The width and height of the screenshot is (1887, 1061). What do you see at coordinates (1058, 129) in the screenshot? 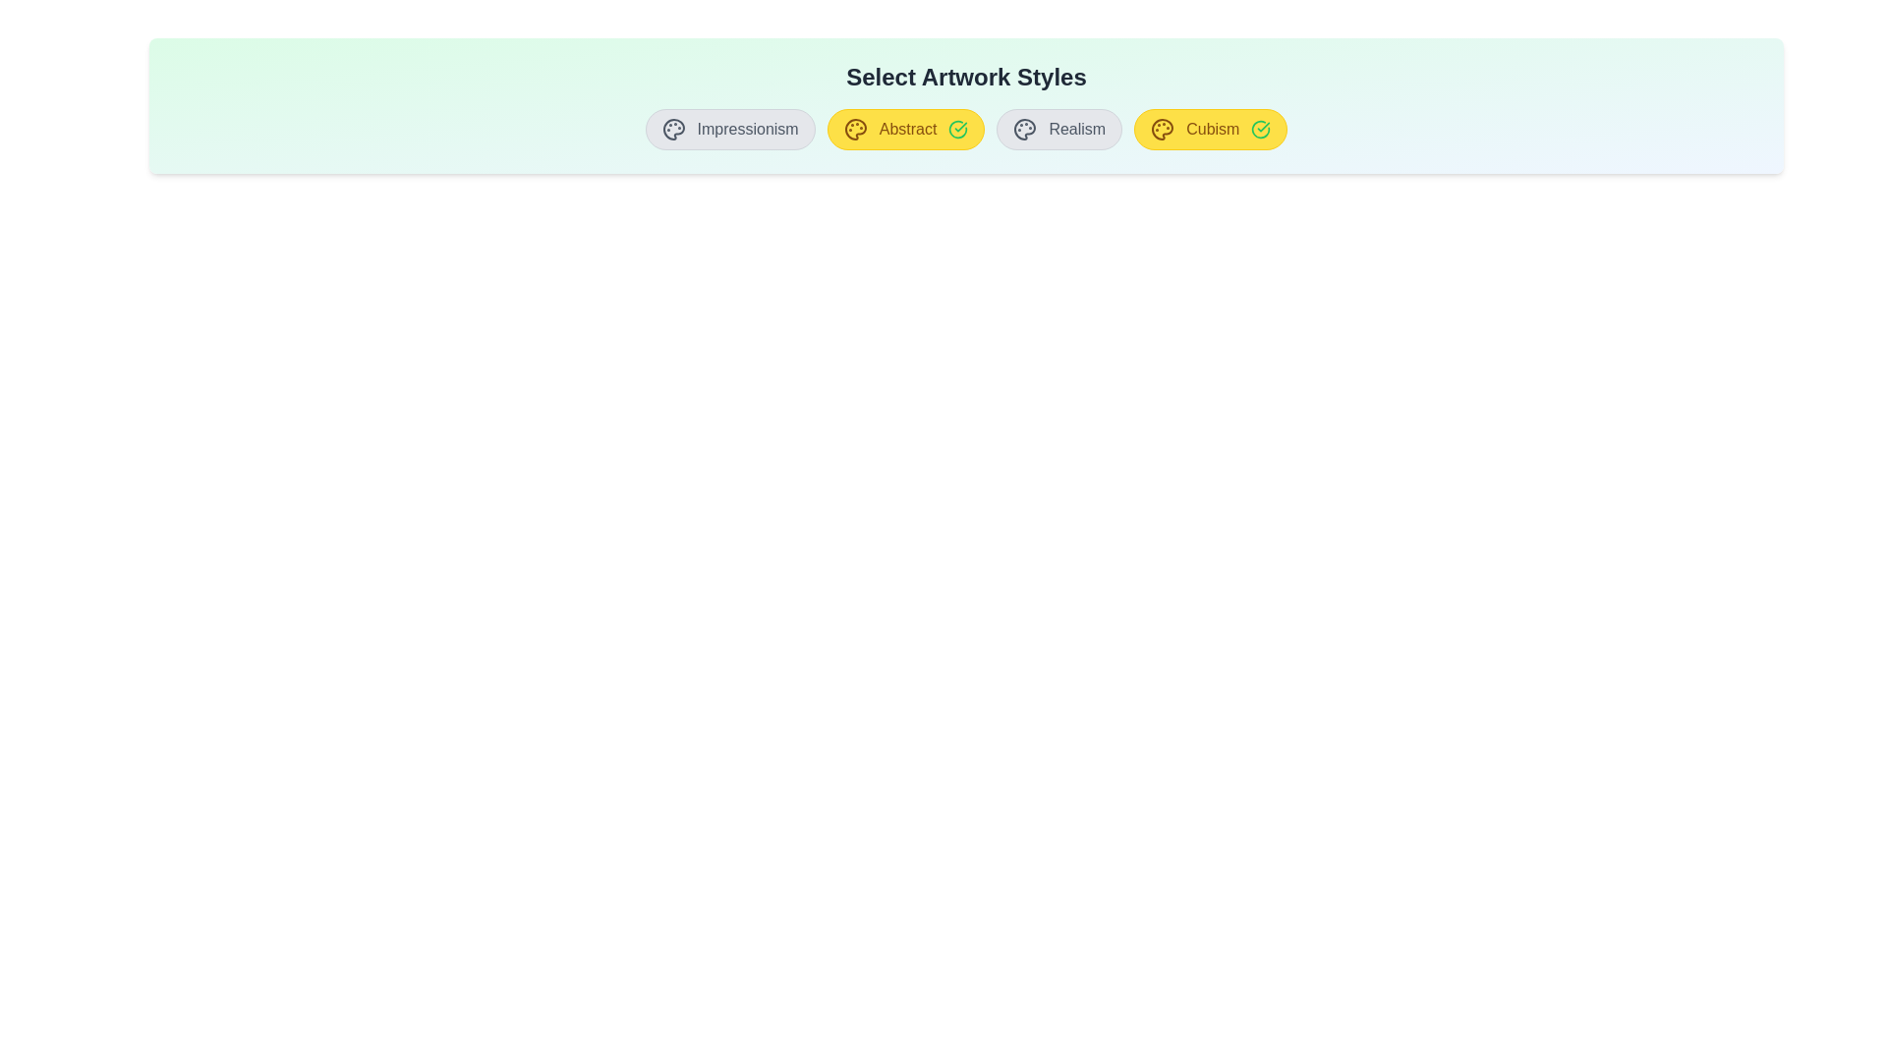
I see `the artwork style button corresponding to Realism` at bounding box center [1058, 129].